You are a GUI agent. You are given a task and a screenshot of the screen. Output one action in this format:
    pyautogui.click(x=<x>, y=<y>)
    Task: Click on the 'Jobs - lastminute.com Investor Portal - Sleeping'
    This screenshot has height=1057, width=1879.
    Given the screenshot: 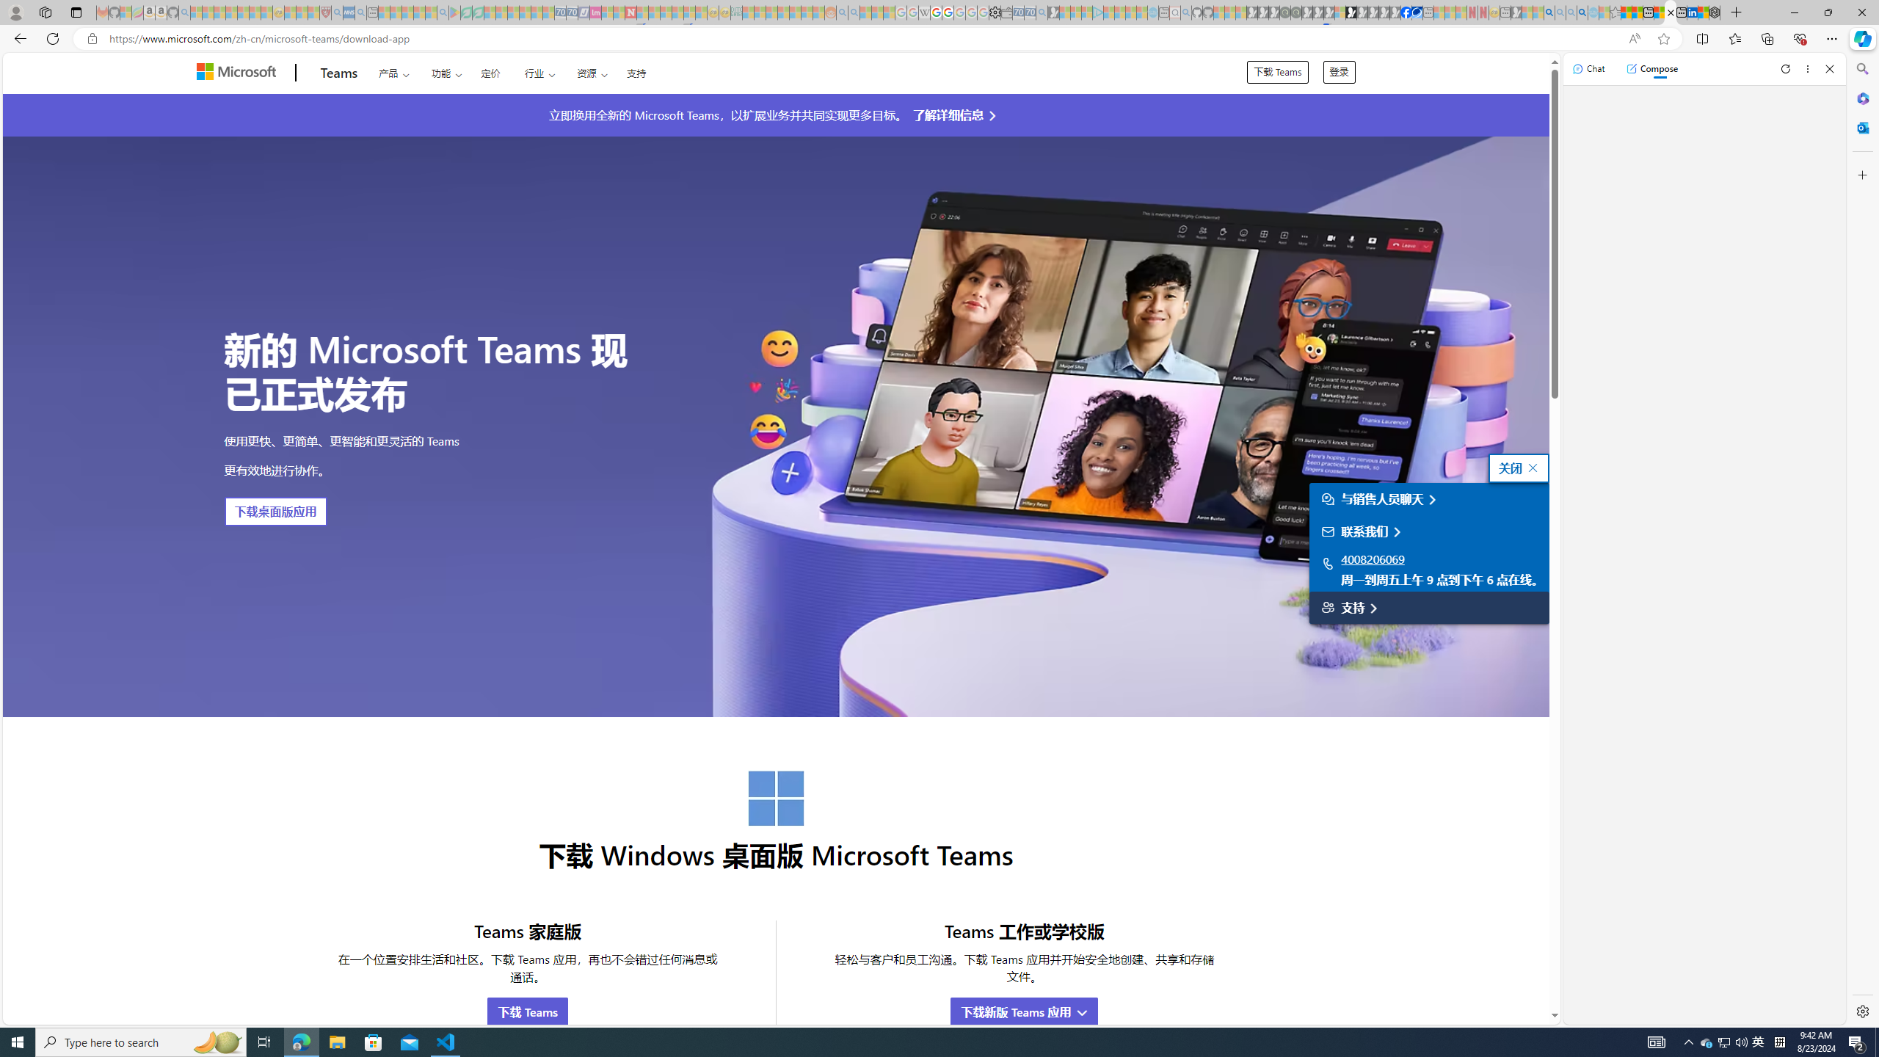 What is the action you would take?
    pyautogui.click(x=595, y=12)
    